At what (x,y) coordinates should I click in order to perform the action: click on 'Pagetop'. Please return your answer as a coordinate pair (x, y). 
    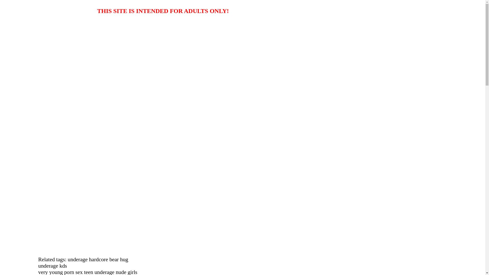
    Looking at the image, I should click on (8, 57).